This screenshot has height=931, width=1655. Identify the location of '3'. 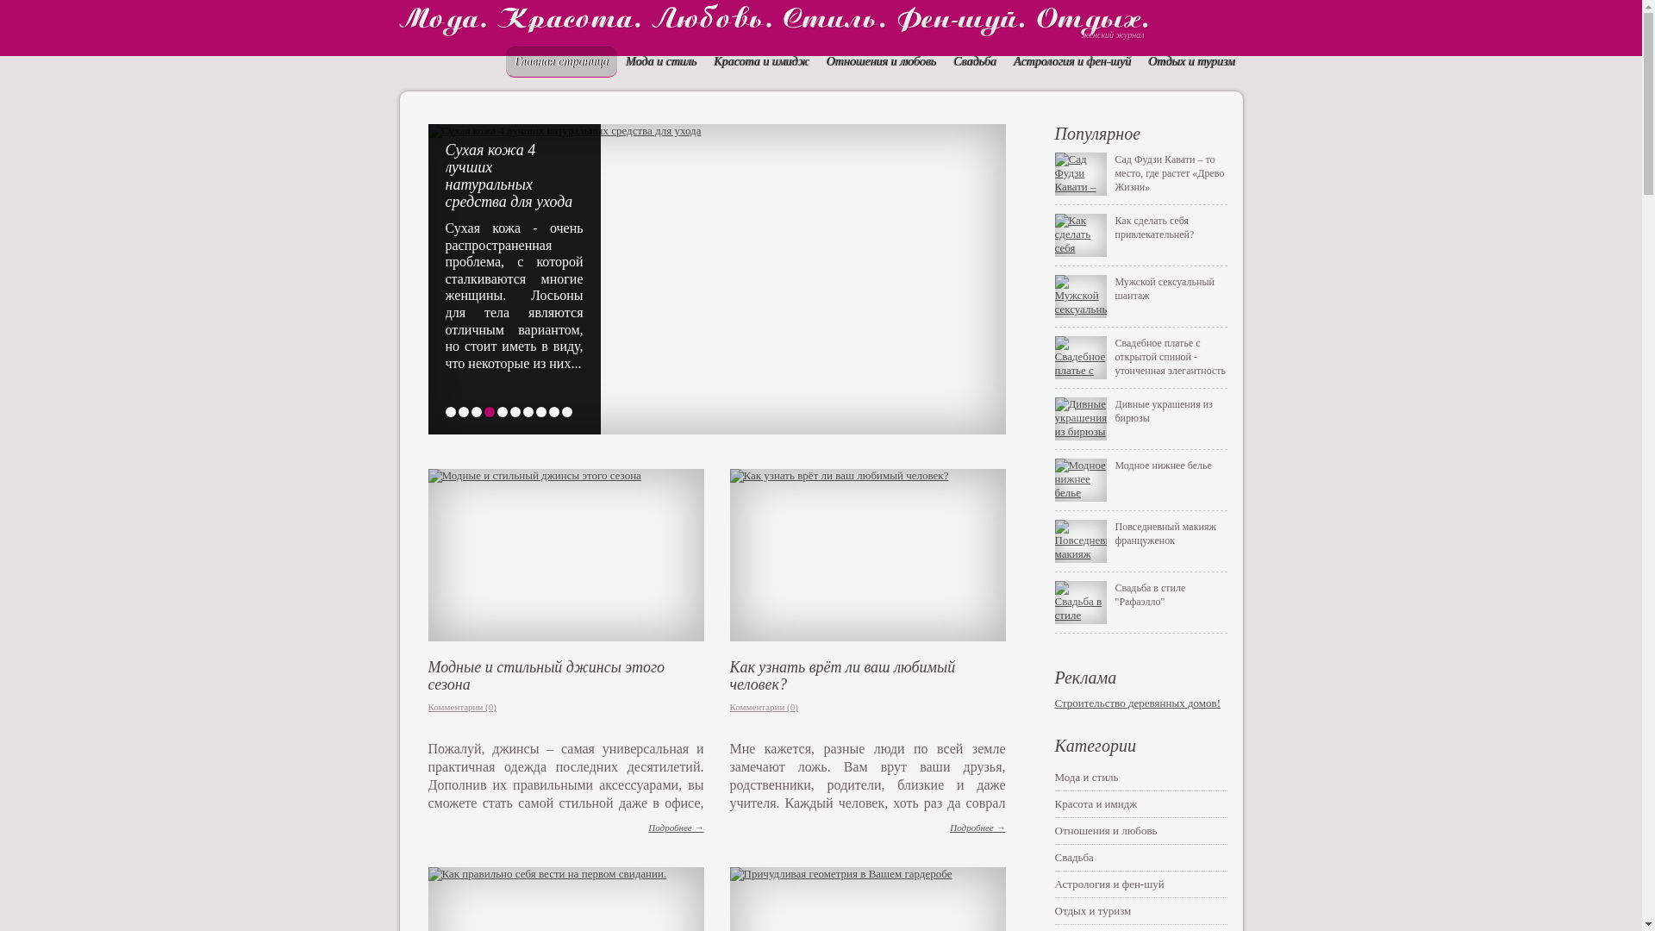
(471, 412).